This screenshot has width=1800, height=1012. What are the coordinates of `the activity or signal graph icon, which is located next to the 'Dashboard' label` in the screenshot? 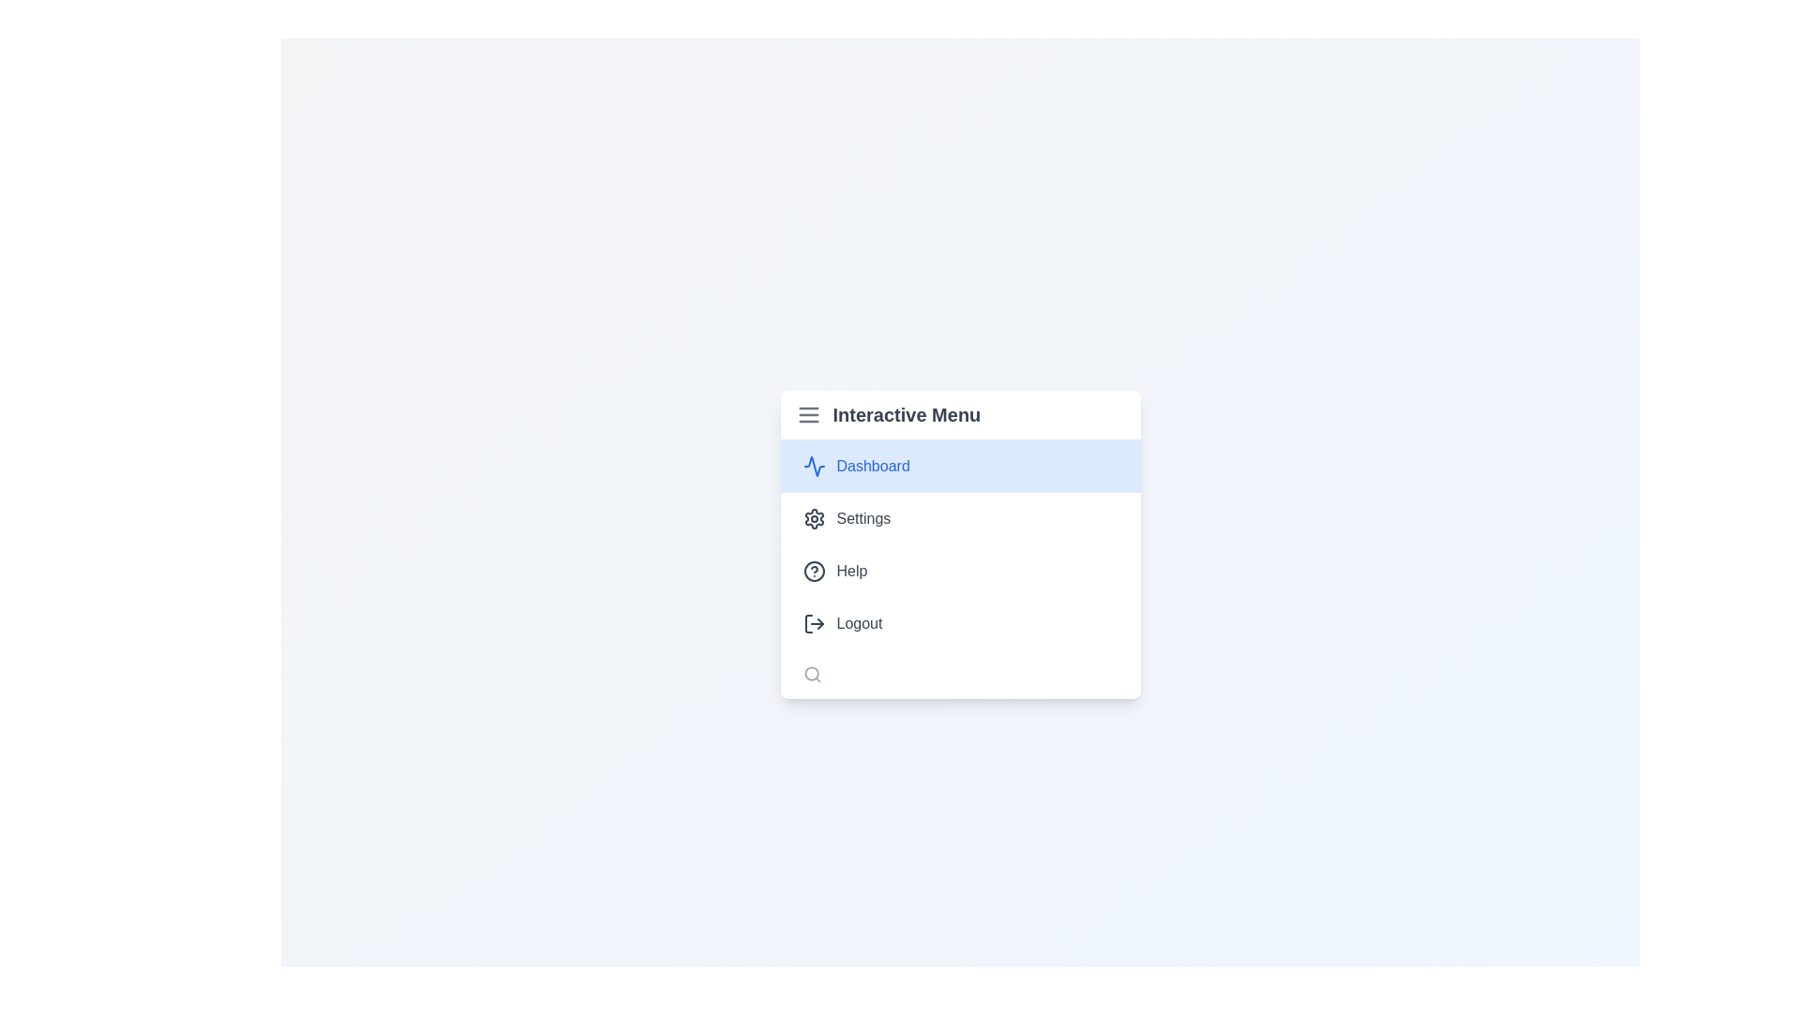 It's located at (814, 465).